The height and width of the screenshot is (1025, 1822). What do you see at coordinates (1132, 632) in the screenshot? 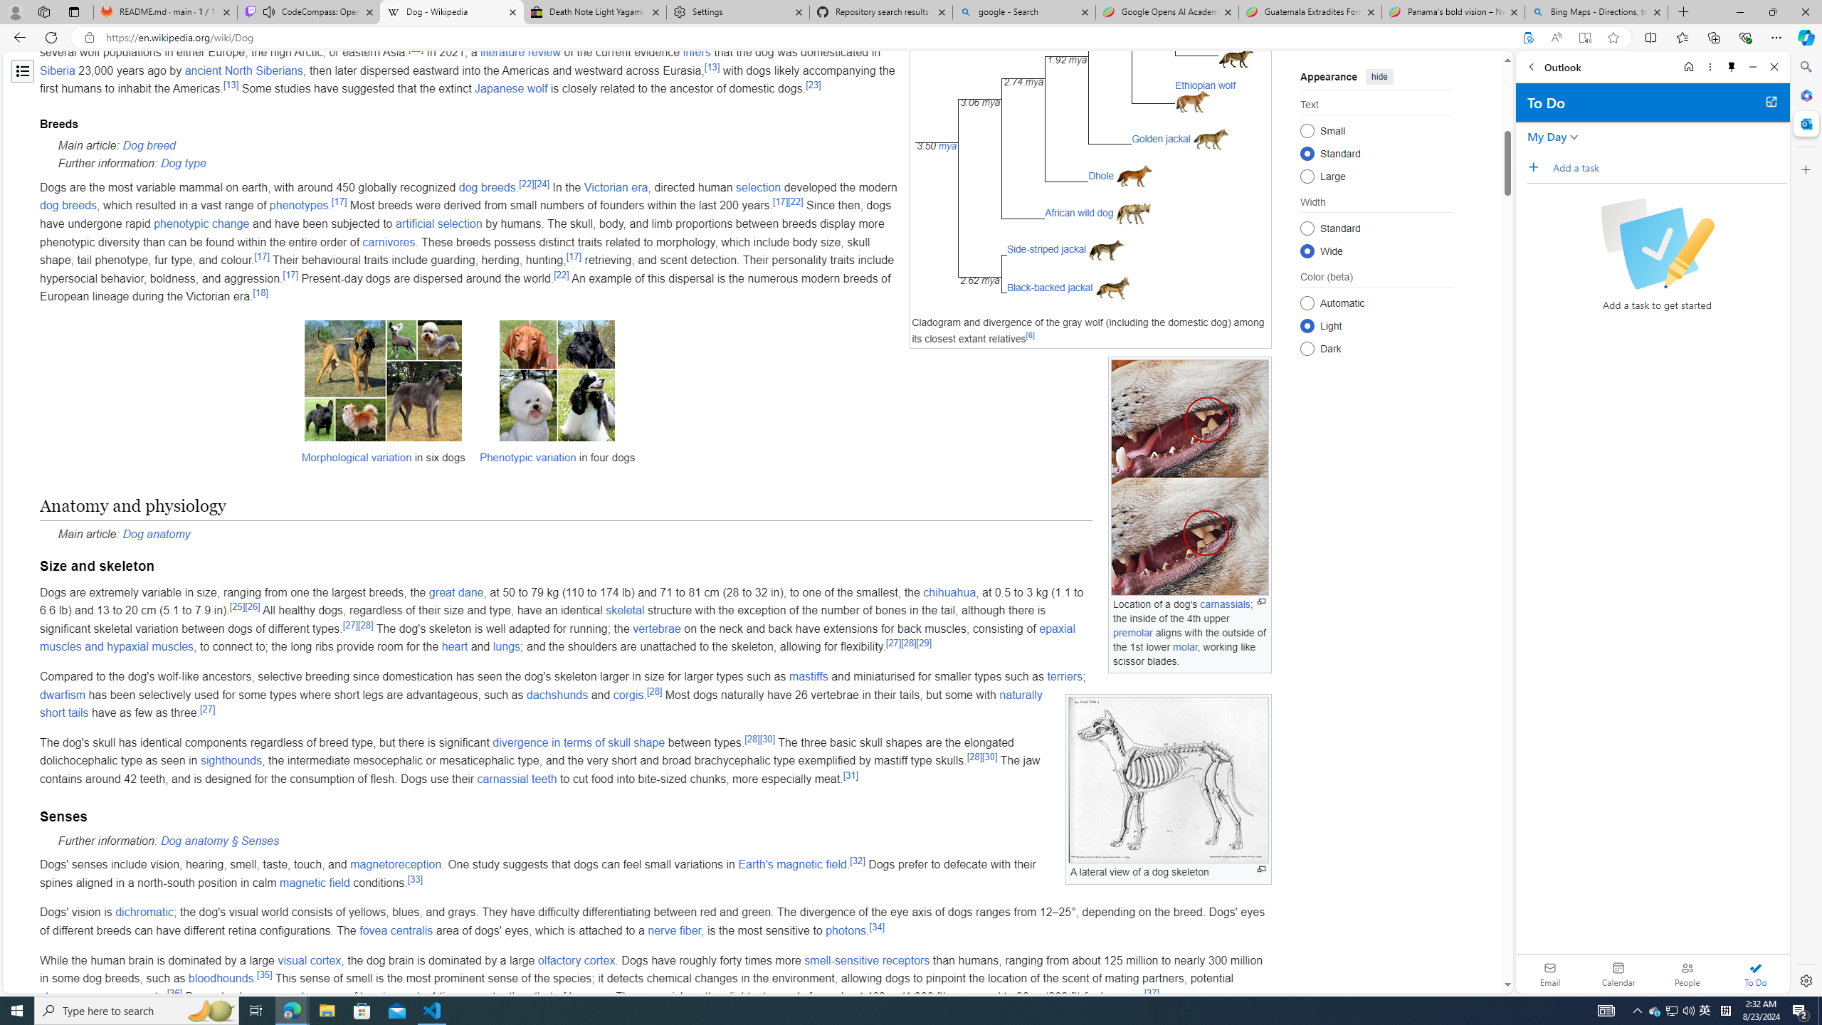
I see `'premolar'` at bounding box center [1132, 632].